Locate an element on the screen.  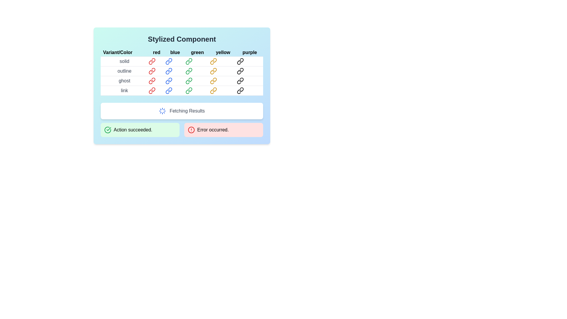
the Icon link button located in the third column of the second row within the 'Styled Component' table, which features an 'outline' style and a 'green' color is located at coordinates (188, 71).